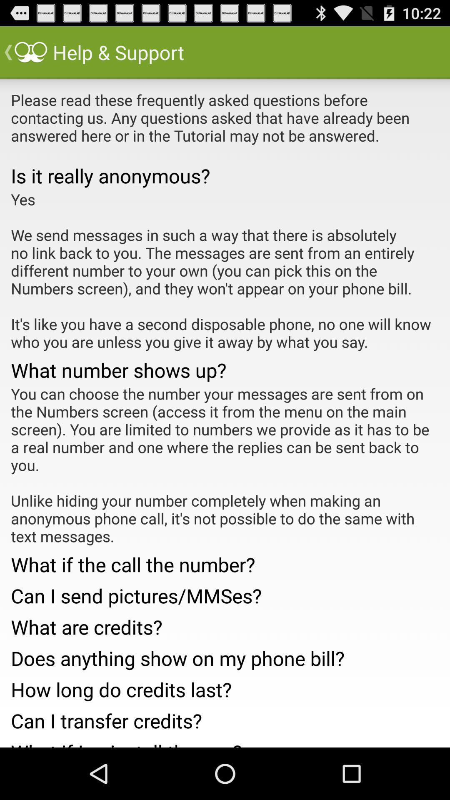 Image resolution: width=450 pixels, height=800 pixels. I want to click on you can choose app, so click(225, 464).